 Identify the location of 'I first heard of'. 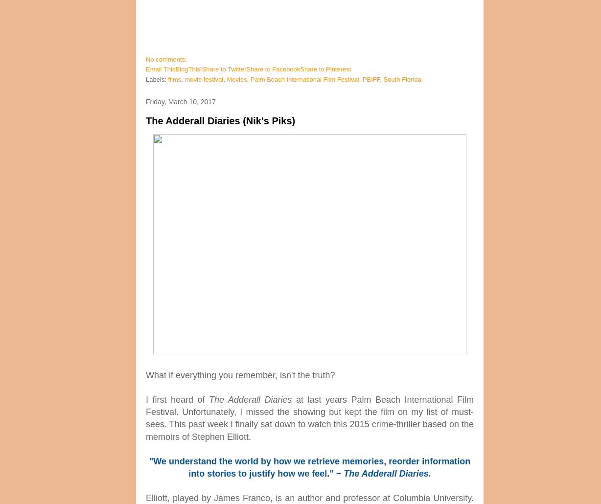
(145, 398).